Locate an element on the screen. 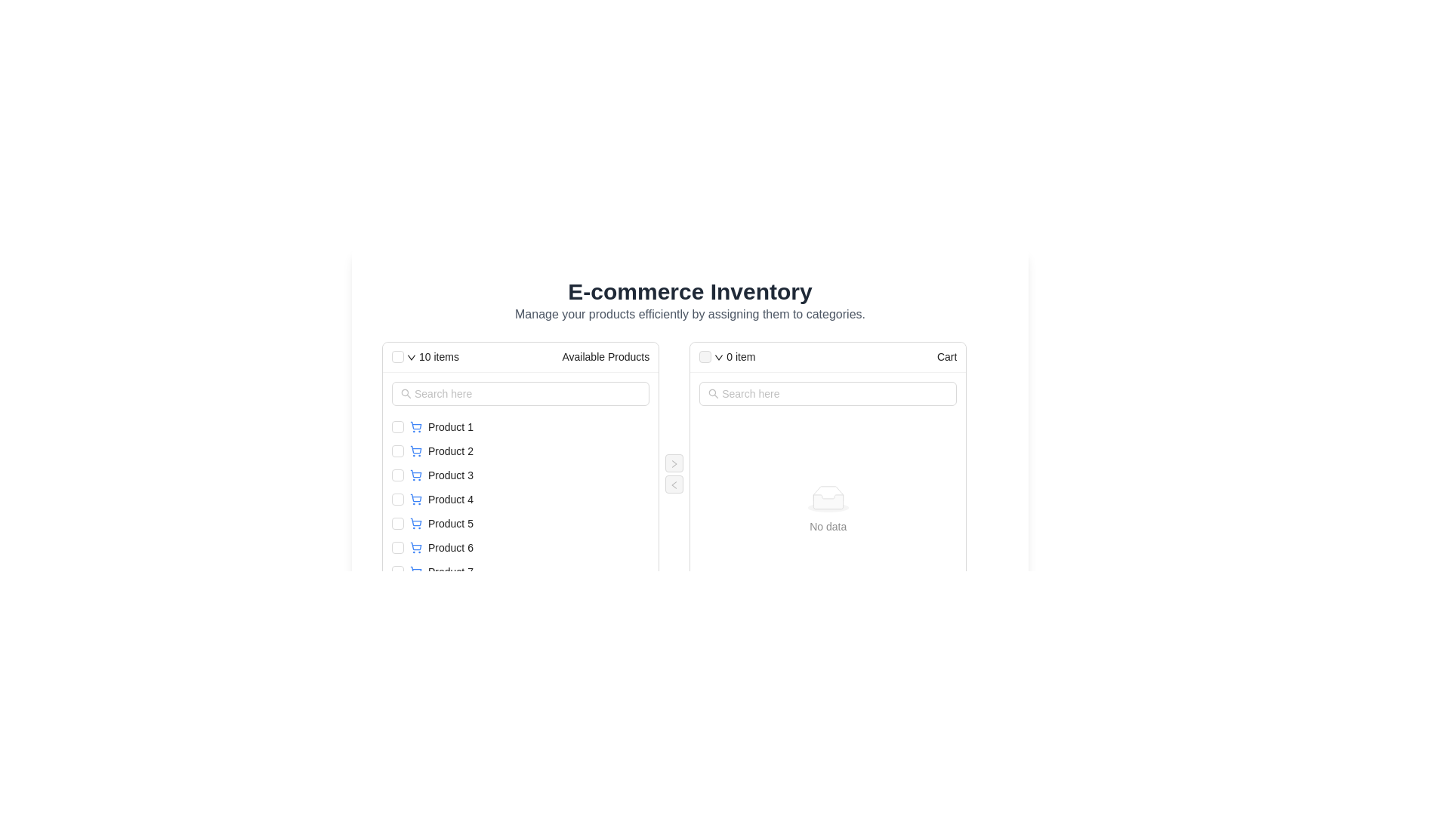 The image size is (1450, 815). the informative placeholder icon and text indicating the absence of data in the 'Cart' section, located in the right panel beneath the search bar is located at coordinates (827, 498).